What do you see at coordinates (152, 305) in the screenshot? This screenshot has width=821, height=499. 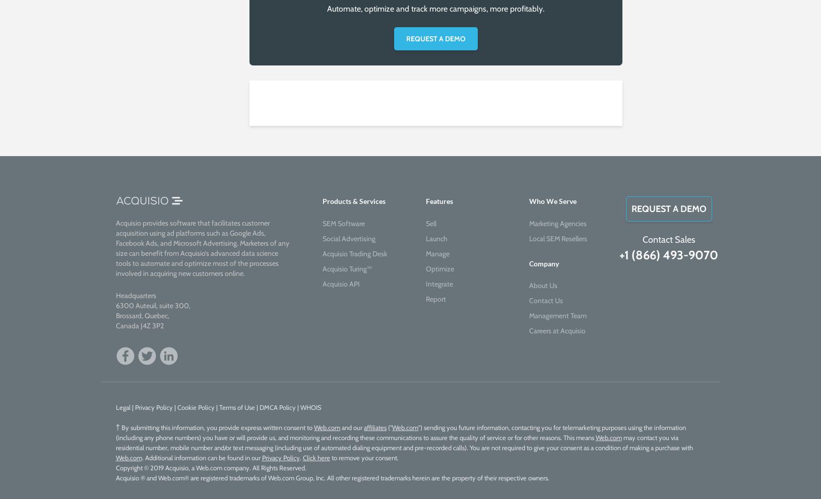 I see `'6300 Auteuil, suite 300,'` at bounding box center [152, 305].